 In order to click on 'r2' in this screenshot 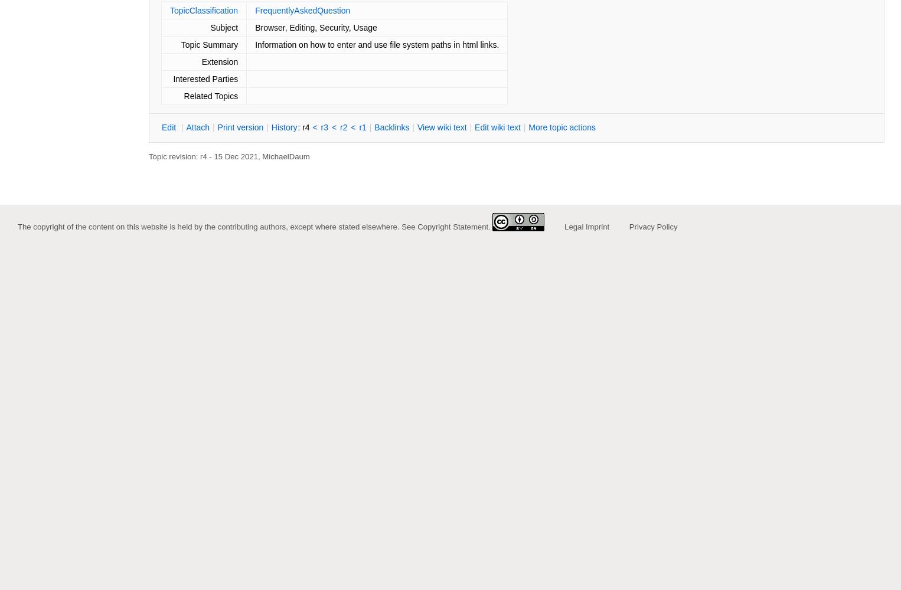, I will do `click(343, 127)`.